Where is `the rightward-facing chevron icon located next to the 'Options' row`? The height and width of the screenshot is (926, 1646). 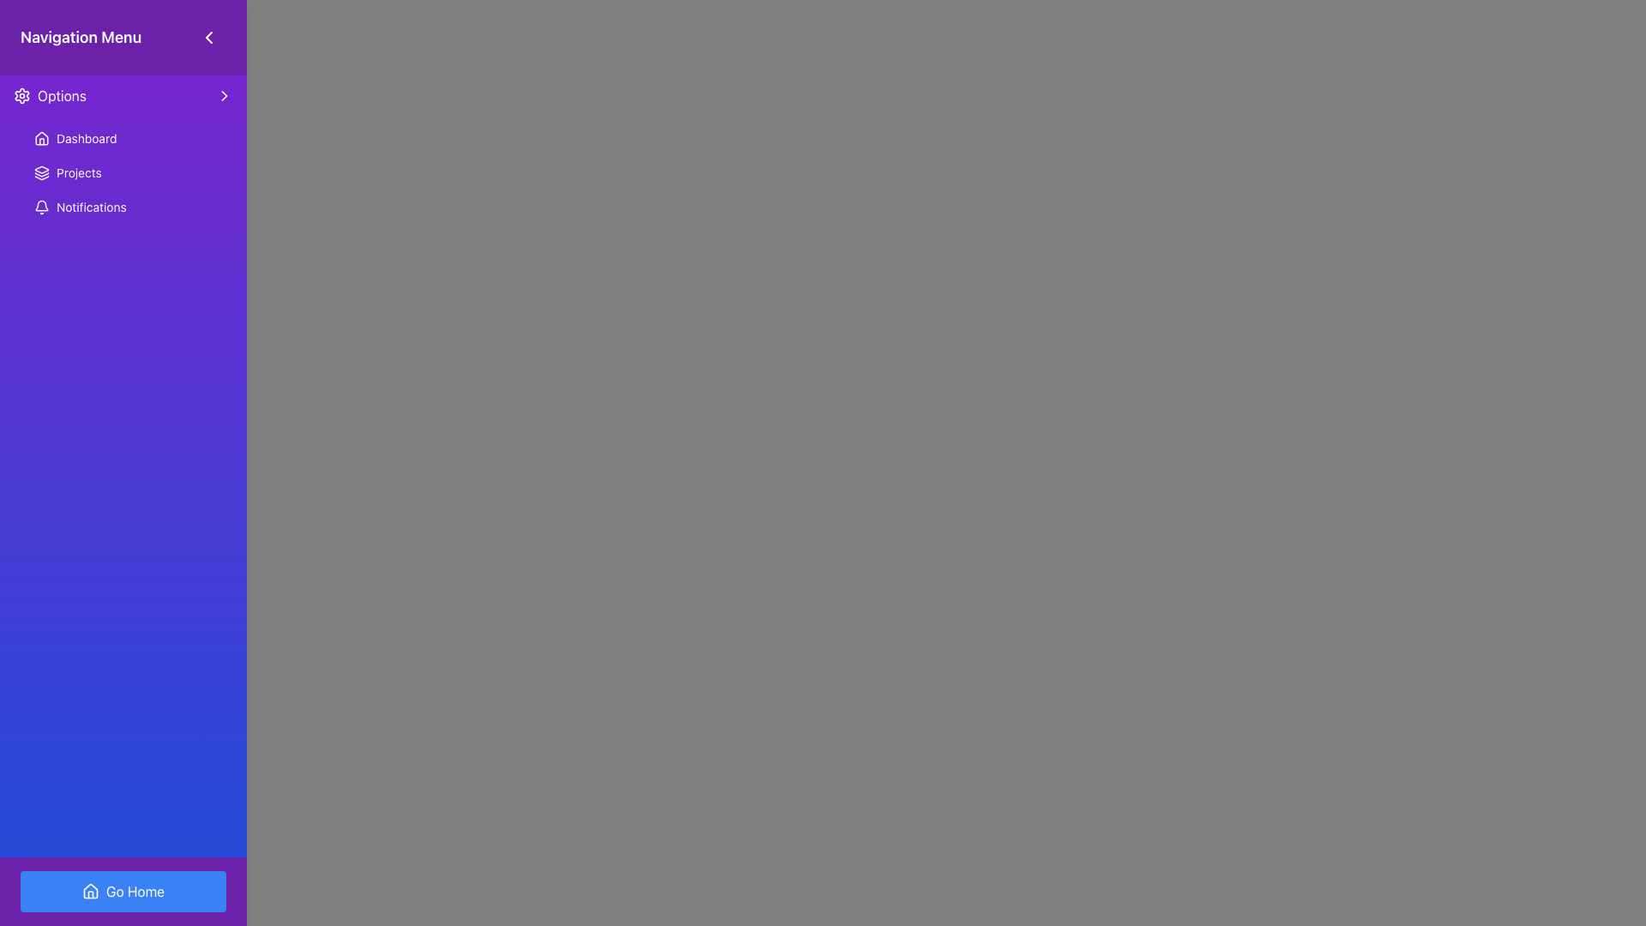 the rightward-facing chevron icon located next to the 'Options' row is located at coordinates (224, 95).